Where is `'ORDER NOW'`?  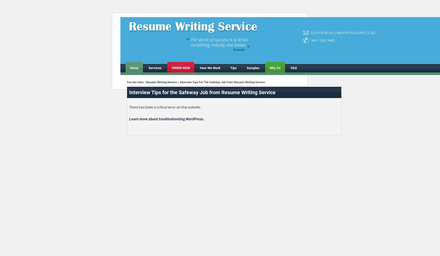
'ORDER NOW' is located at coordinates (180, 68).